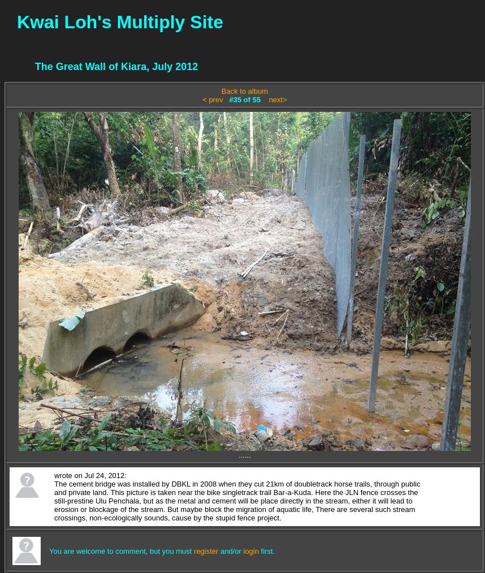  What do you see at coordinates (89, 475) in the screenshot?
I see `'wrote on Jul 24, 2012:'` at bounding box center [89, 475].